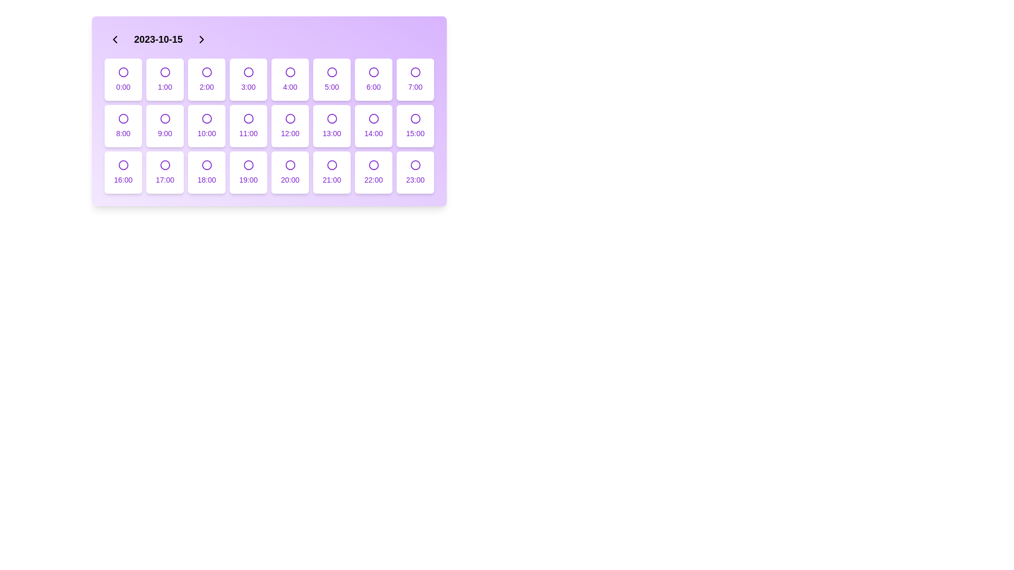  What do you see at coordinates (164, 118) in the screenshot?
I see `the circular icon with a thin purple border that represents the time '9:00'` at bounding box center [164, 118].